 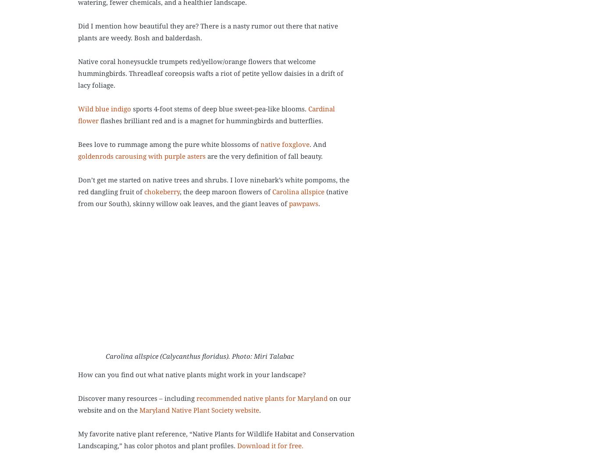 I want to click on ', the deep maroon flowers of', so click(x=225, y=192).